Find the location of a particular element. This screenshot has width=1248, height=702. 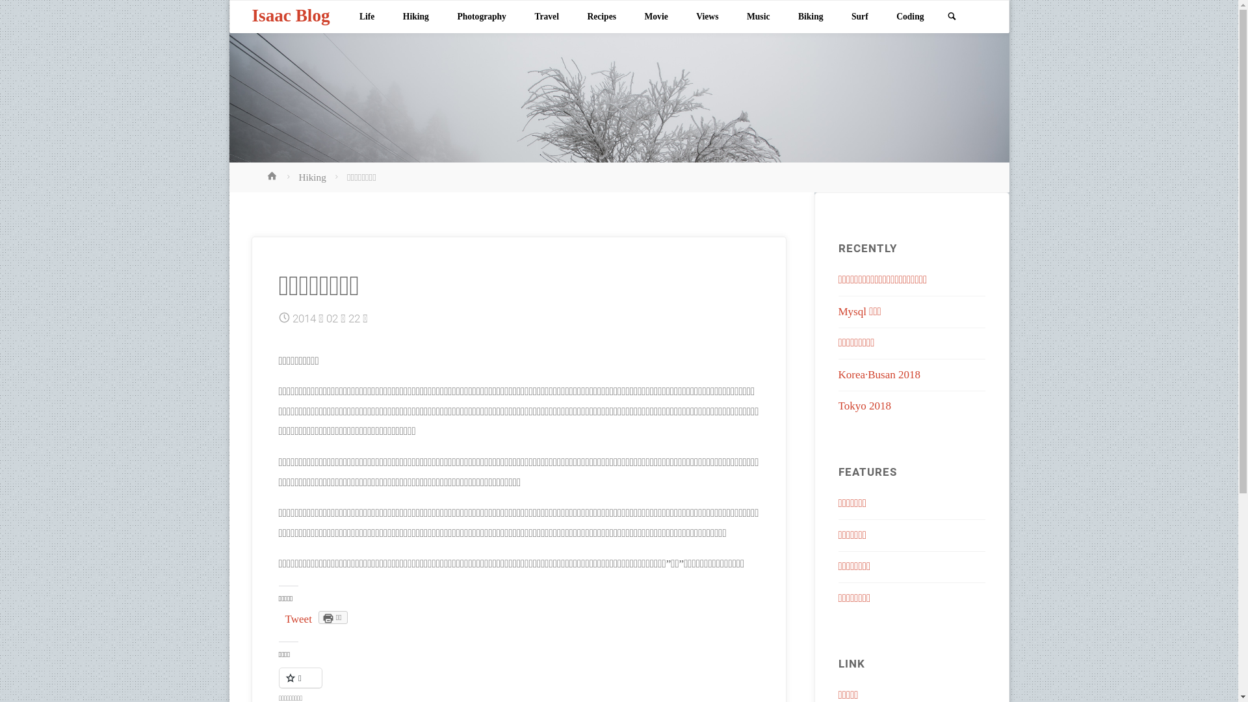

'Movie' is located at coordinates (656, 17).